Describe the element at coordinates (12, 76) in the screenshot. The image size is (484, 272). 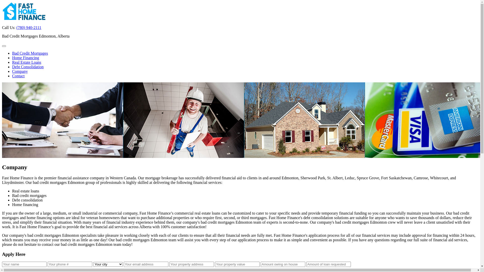
I see `'Contact'` at that location.